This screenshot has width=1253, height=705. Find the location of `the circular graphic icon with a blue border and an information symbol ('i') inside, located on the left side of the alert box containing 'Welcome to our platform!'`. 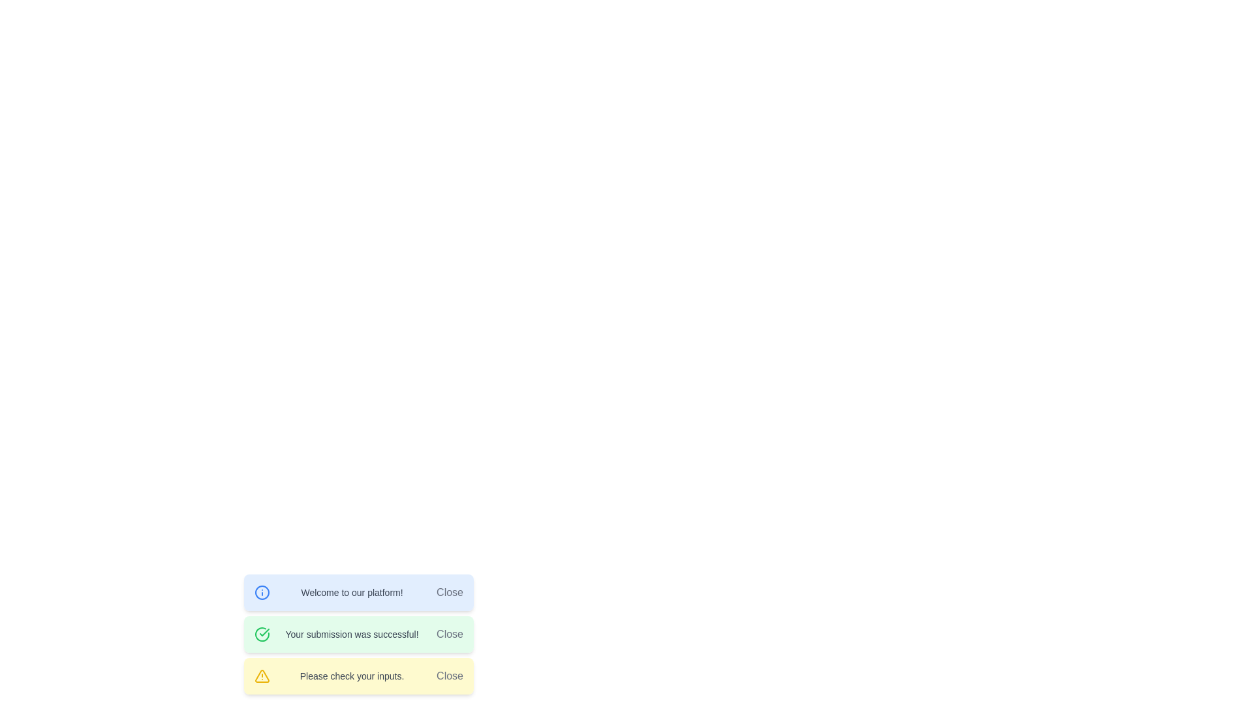

the circular graphic icon with a blue border and an information symbol ('i') inside, located on the left side of the alert box containing 'Welcome to our platform!' is located at coordinates (262, 592).